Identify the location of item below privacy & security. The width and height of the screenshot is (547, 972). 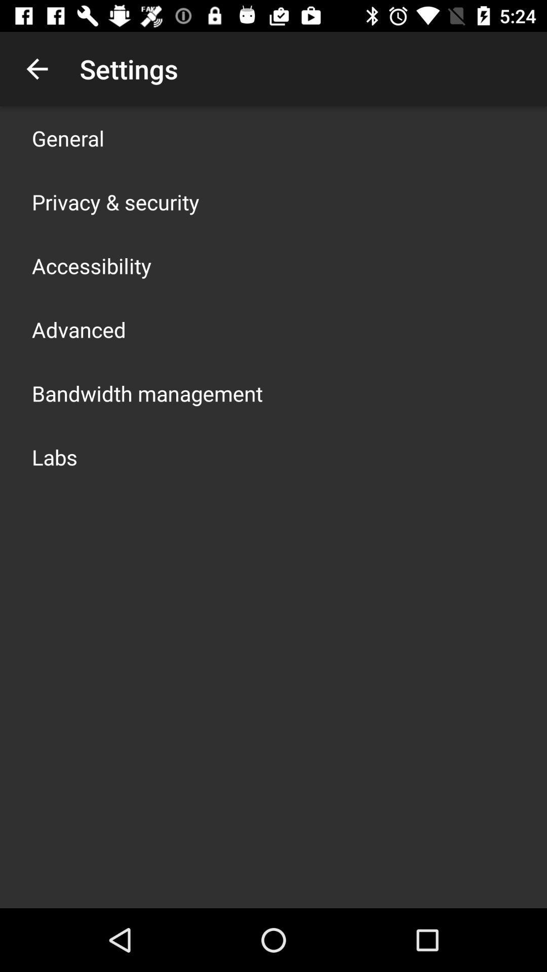
(92, 265).